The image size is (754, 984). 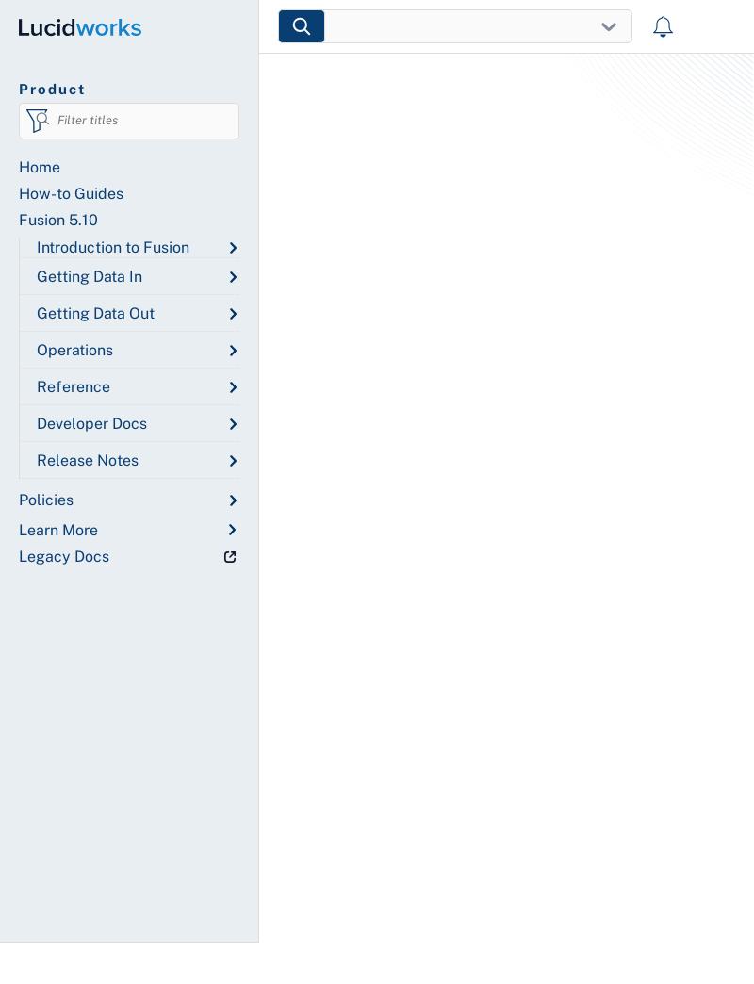 What do you see at coordinates (112, 246) in the screenshot?
I see `'Introduction to Fusion'` at bounding box center [112, 246].